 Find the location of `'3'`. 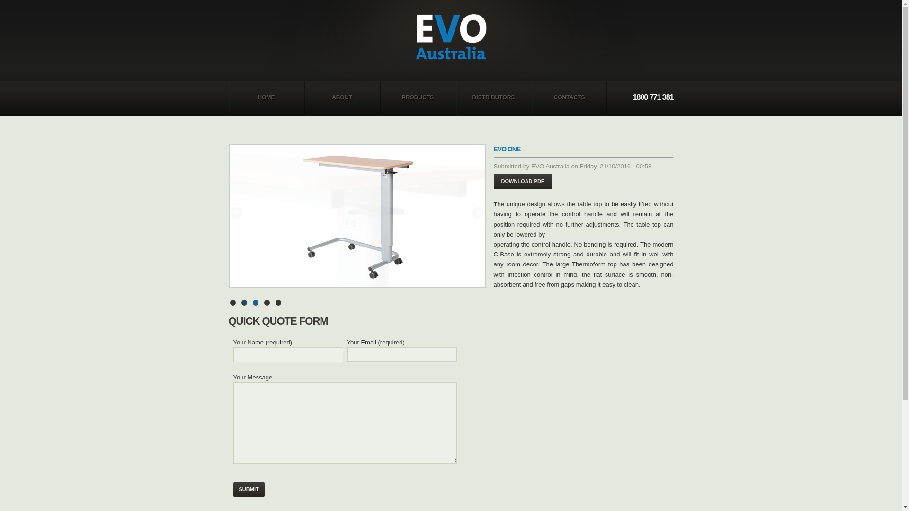

'3' is located at coordinates (255, 303).